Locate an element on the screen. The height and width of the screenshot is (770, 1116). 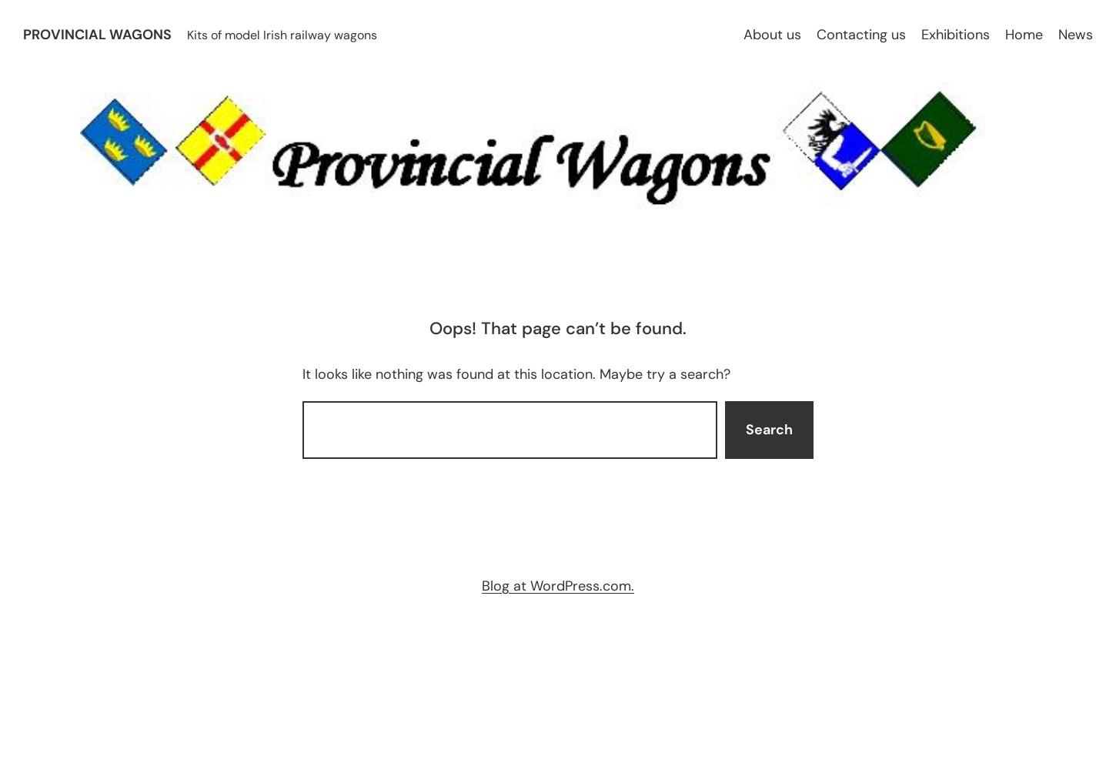
'Home' is located at coordinates (1023, 35).